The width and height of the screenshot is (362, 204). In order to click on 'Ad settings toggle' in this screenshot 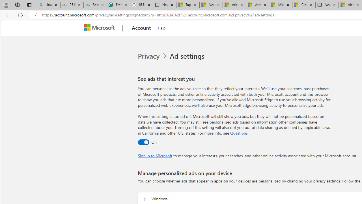, I will do `click(143, 142)`.